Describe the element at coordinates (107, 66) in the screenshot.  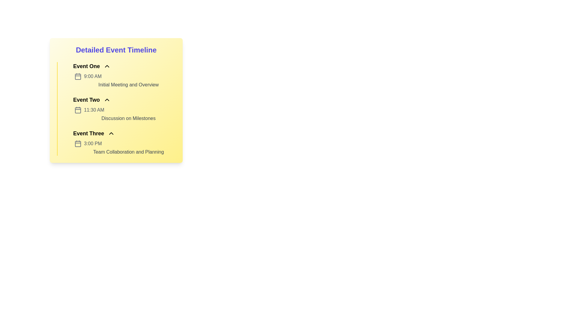
I see `the upward-pointing chevron icon located to the right of the text 'Event One' in the timeline` at that location.